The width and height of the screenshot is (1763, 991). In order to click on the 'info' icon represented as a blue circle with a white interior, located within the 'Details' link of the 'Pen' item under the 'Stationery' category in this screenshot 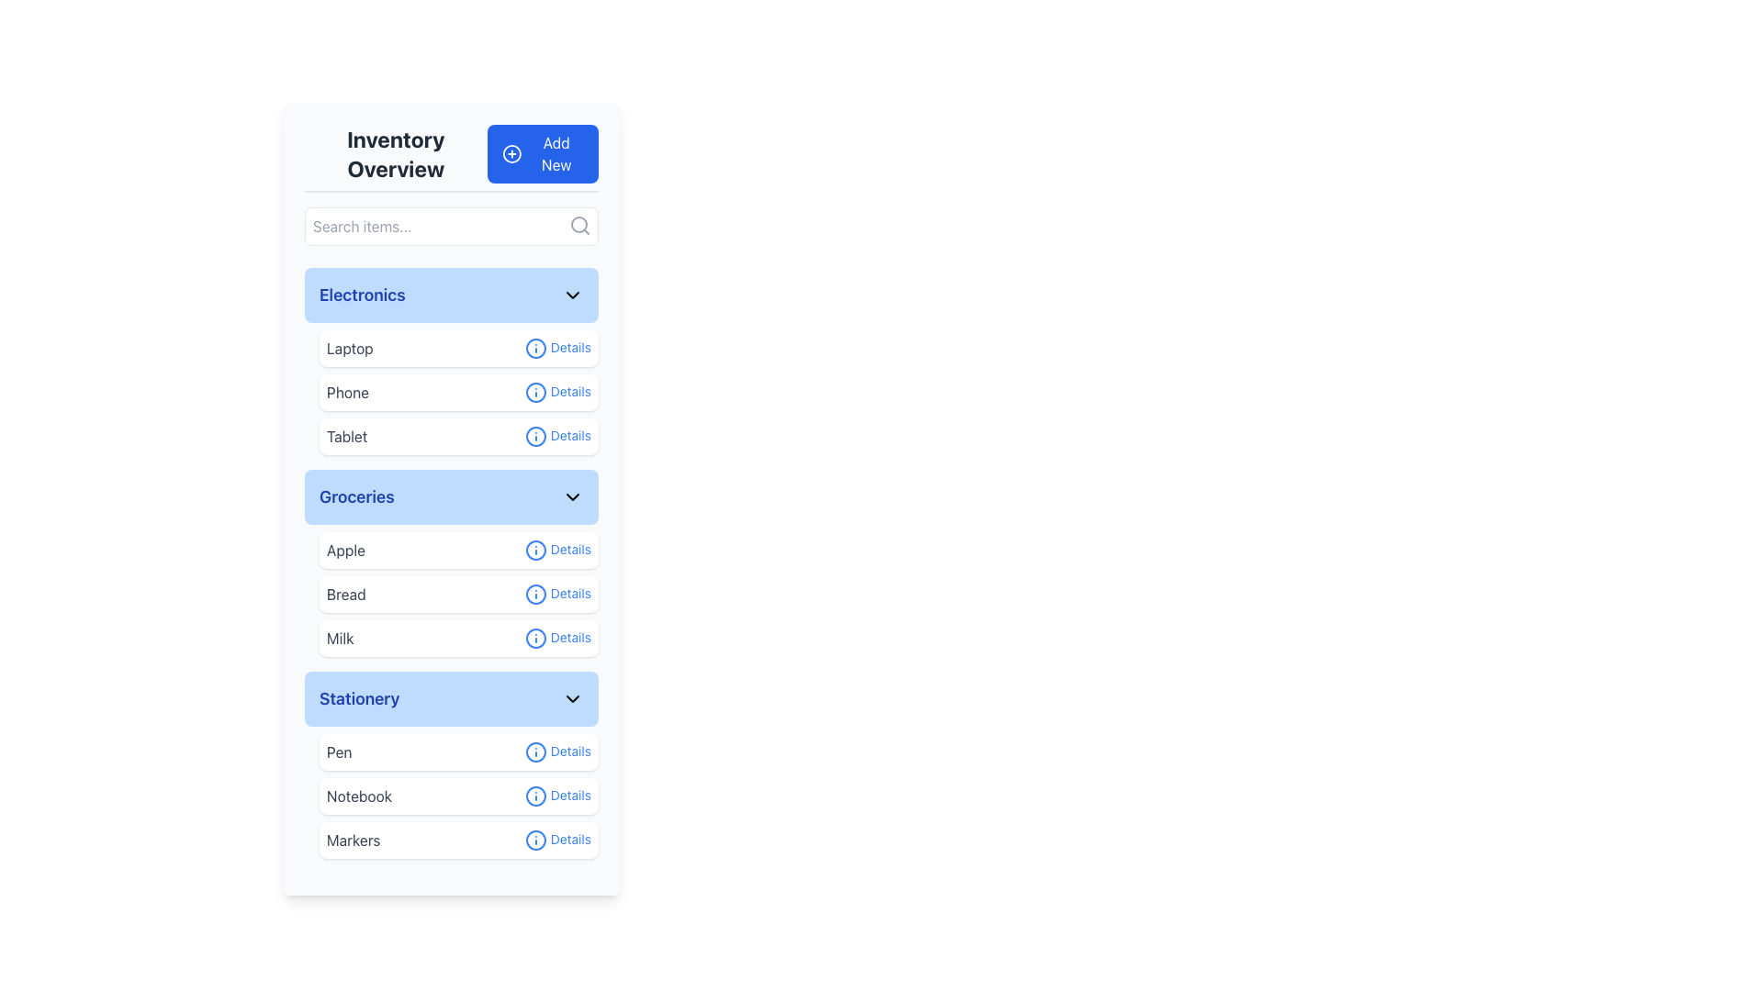, I will do `click(534, 752)`.